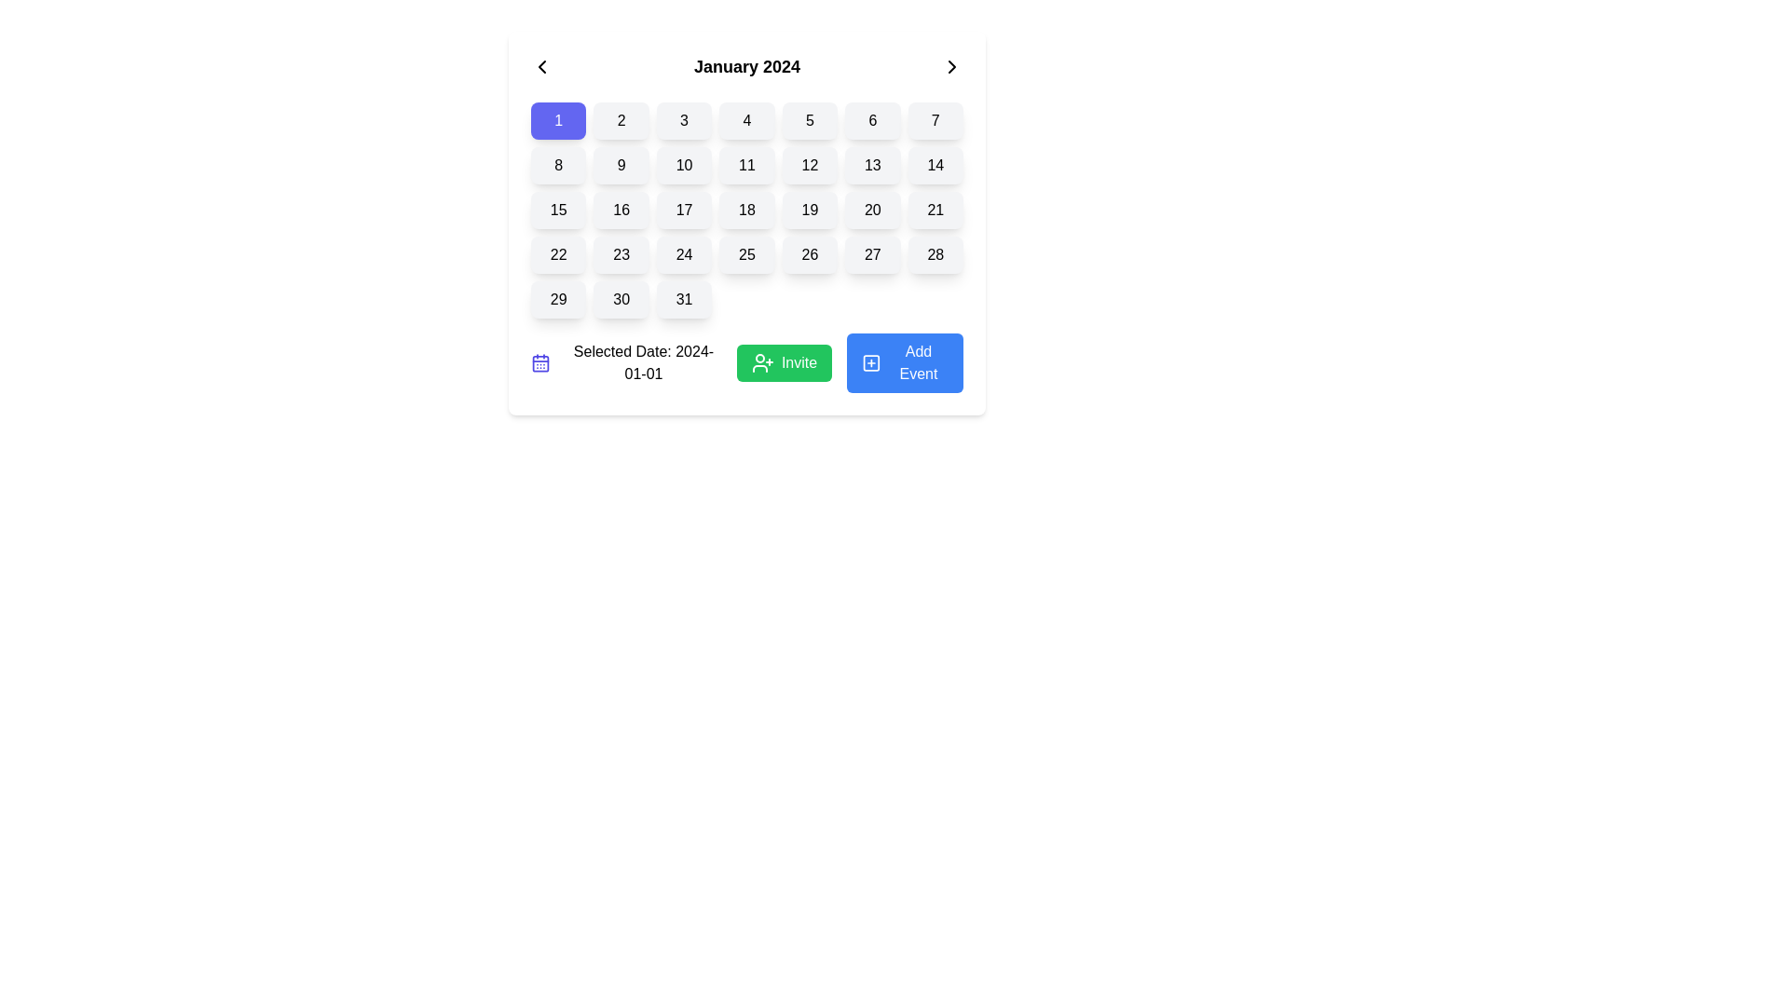 The height and width of the screenshot is (1006, 1789). Describe the element at coordinates (870, 362) in the screenshot. I see `the decorative graphical component that serves as a border or background for the plus icon within the 'Add Event' button located in the lower-right corner of the interface` at that location.